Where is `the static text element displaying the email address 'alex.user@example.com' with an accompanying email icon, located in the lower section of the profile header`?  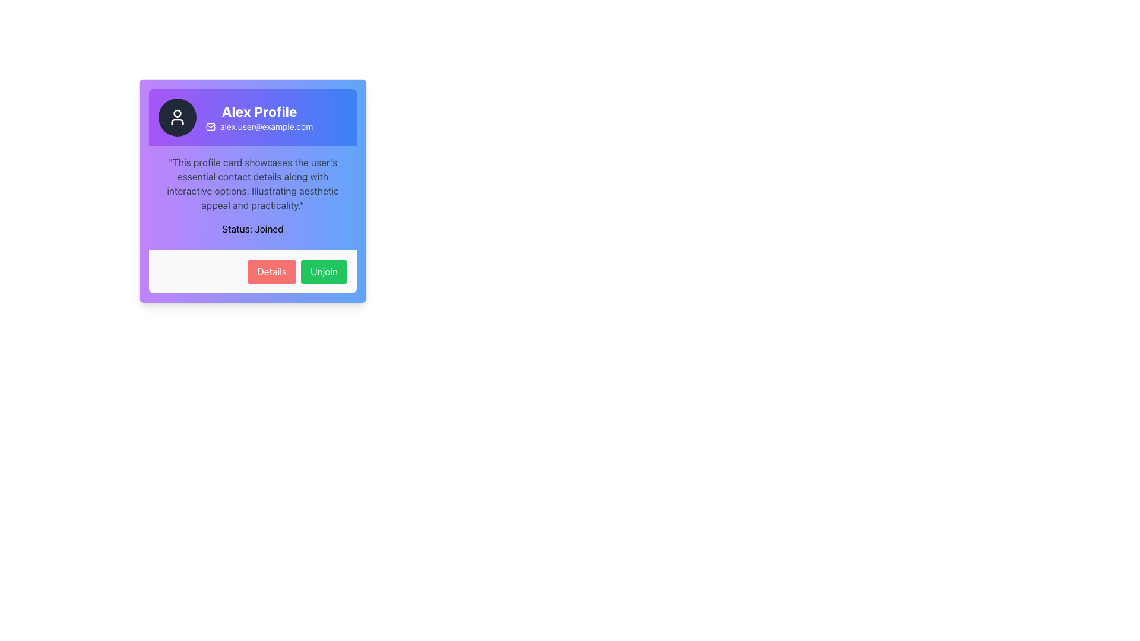 the static text element displaying the email address 'alex.user@example.com' with an accompanying email icon, located in the lower section of the profile header is located at coordinates (259, 126).